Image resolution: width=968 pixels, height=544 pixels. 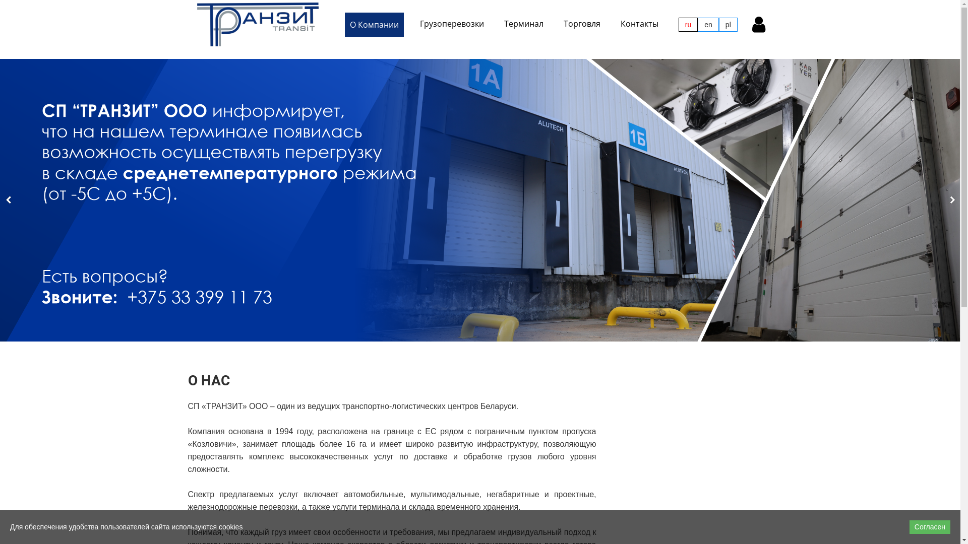 I want to click on 'en', so click(x=708, y=24).